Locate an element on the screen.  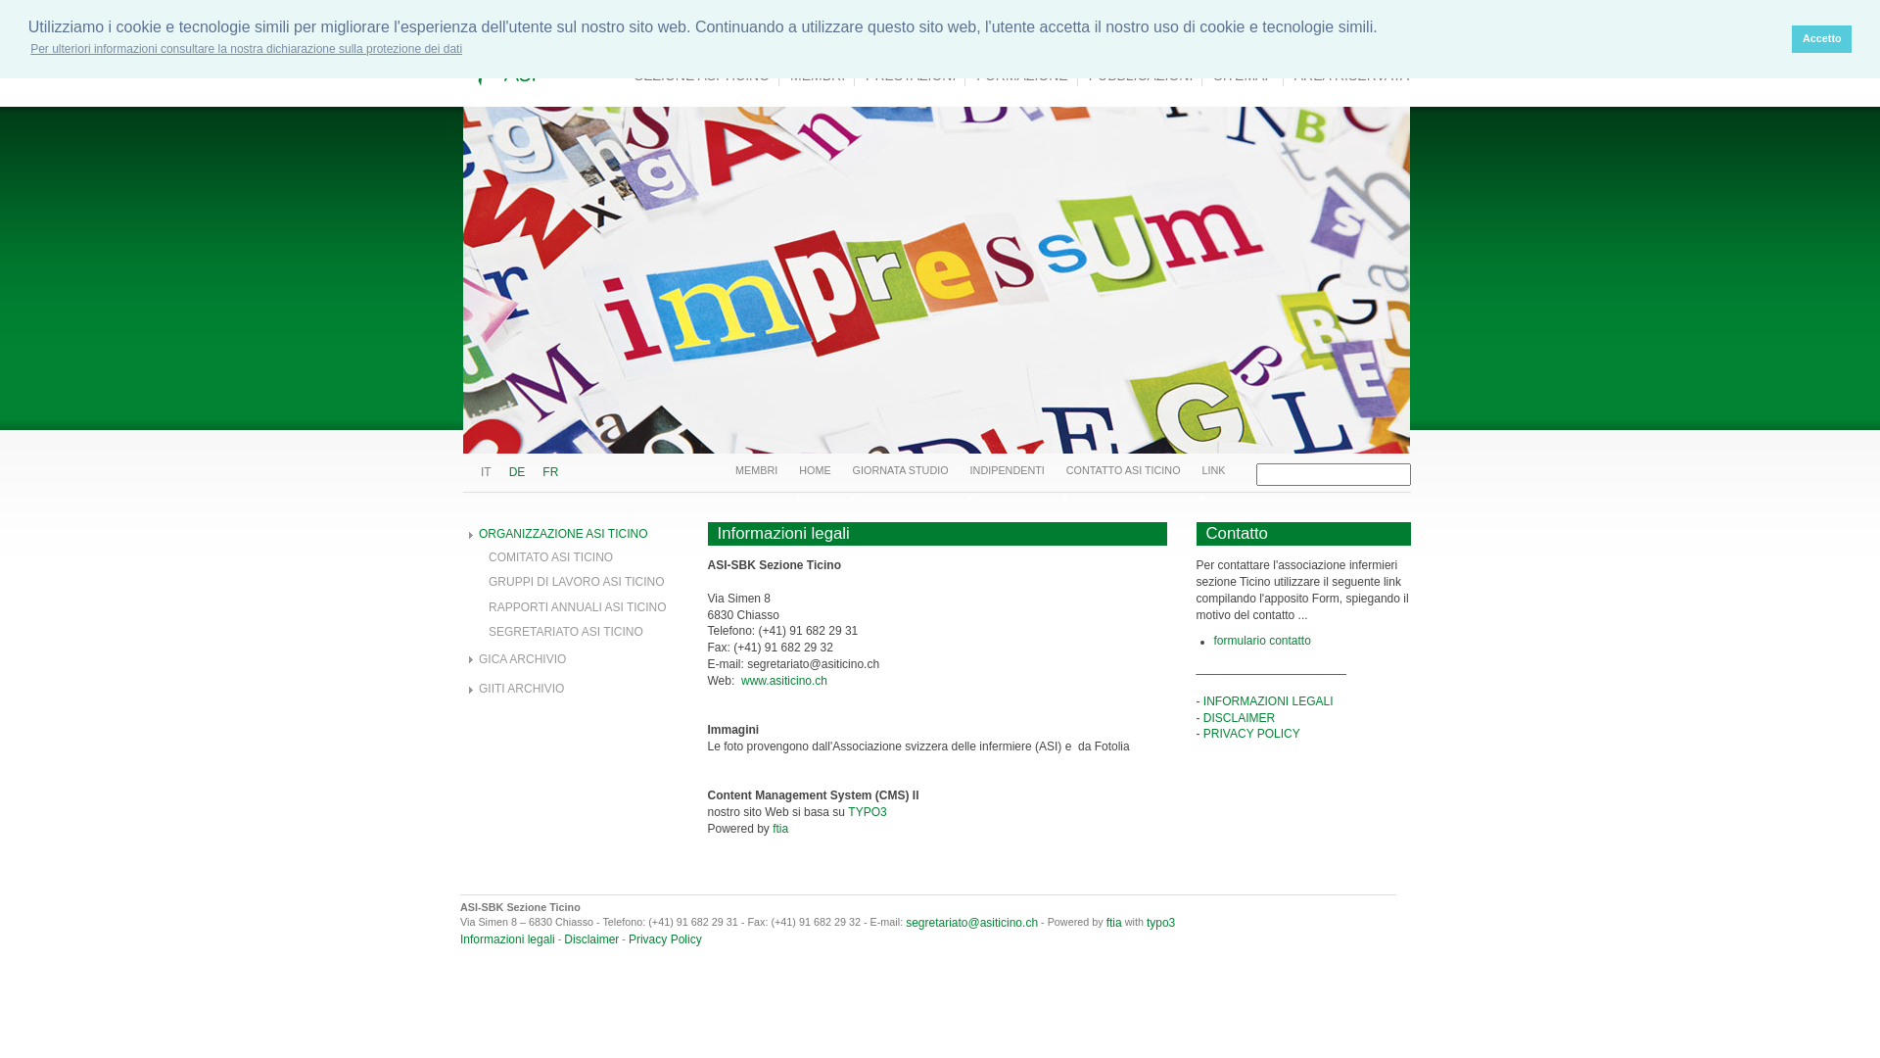
'GRUPPI DI LAVORO ASI TICINO' is located at coordinates (576, 581).